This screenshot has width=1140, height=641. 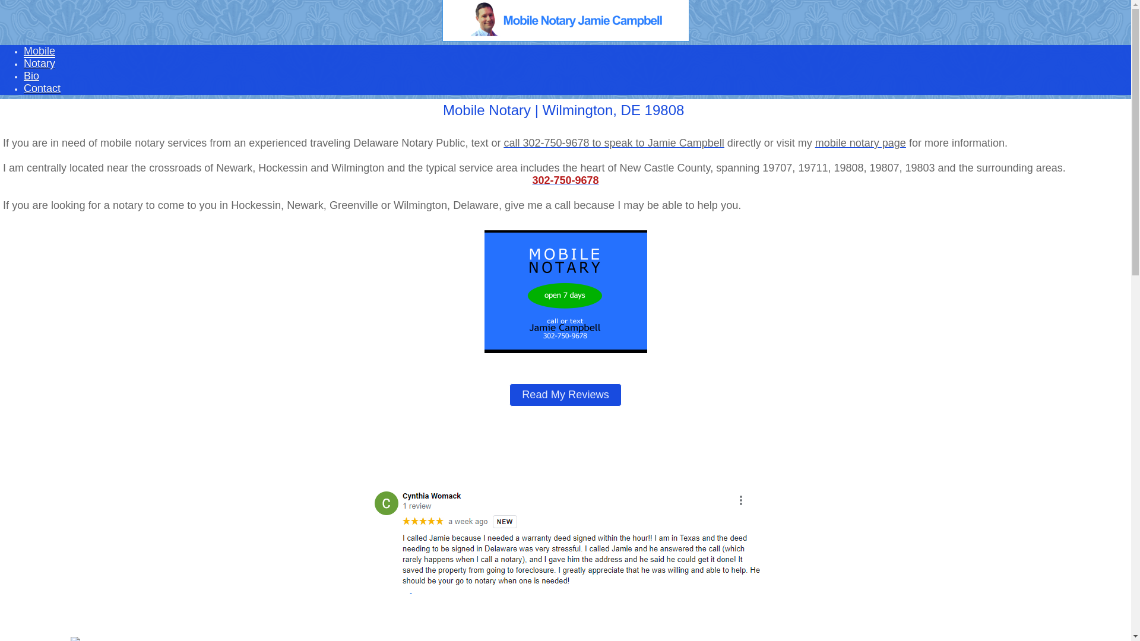 What do you see at coordinates (23, 64) in the screenshot?
I see `'Notary'` at bounding box center [23, 64].